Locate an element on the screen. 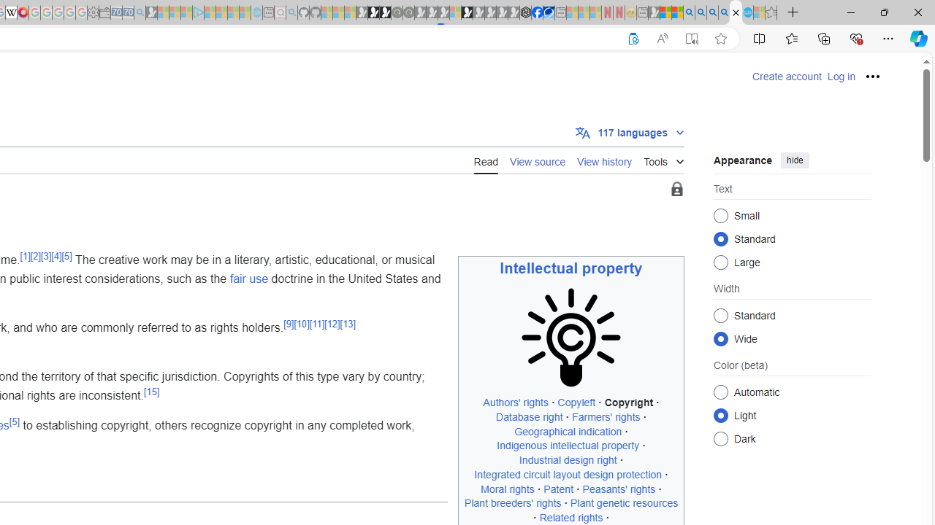 The image size is (935, 525). 'MSN - Sleeping' is located at coordinates (653, 12).